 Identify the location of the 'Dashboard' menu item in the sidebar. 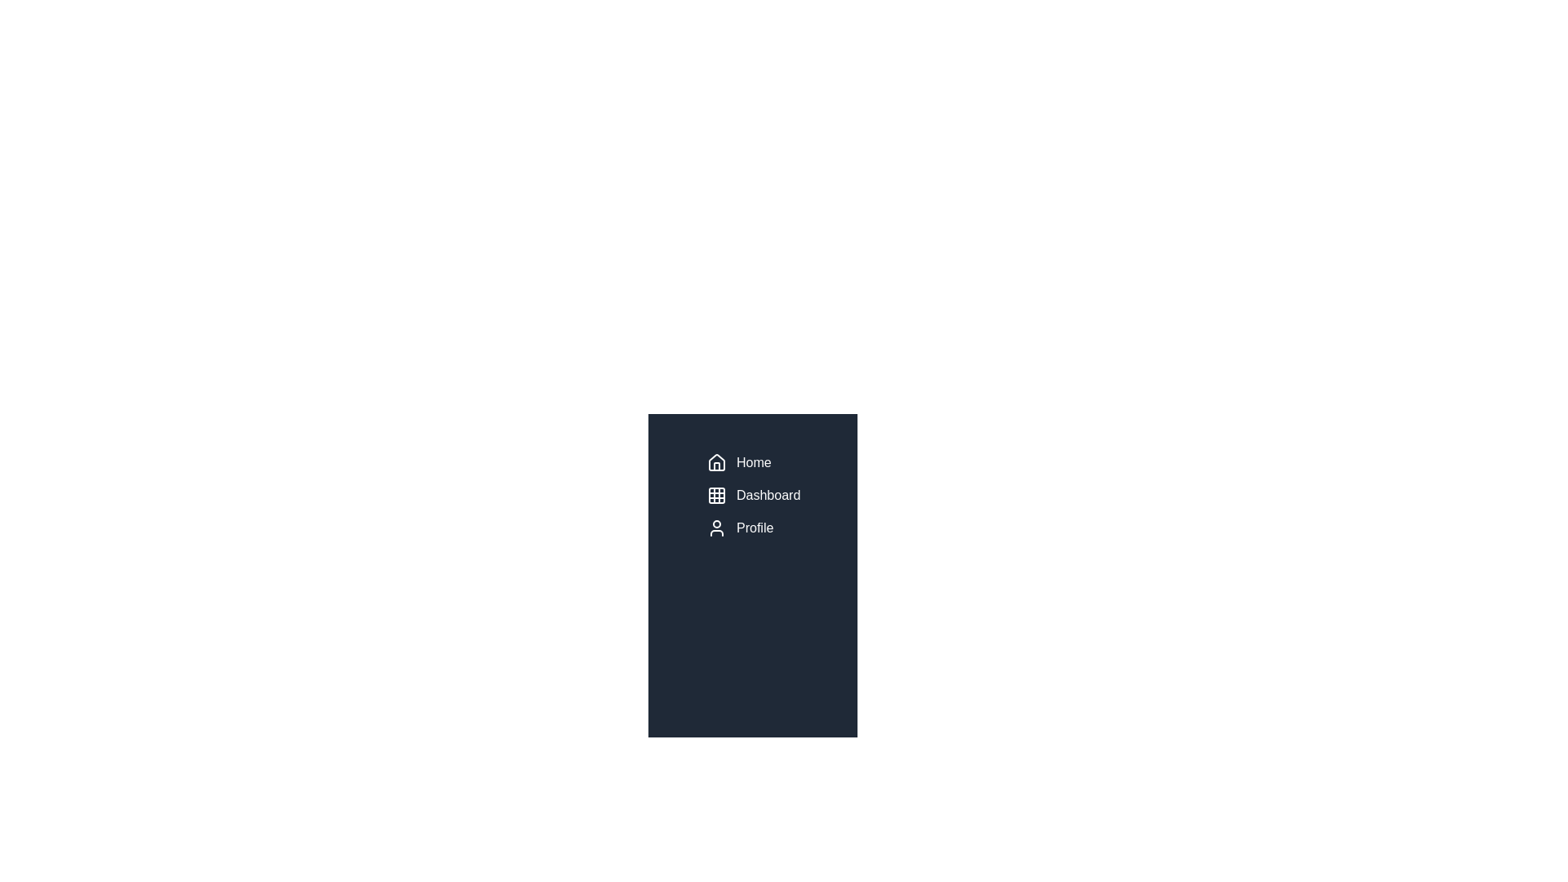
(752, 494).